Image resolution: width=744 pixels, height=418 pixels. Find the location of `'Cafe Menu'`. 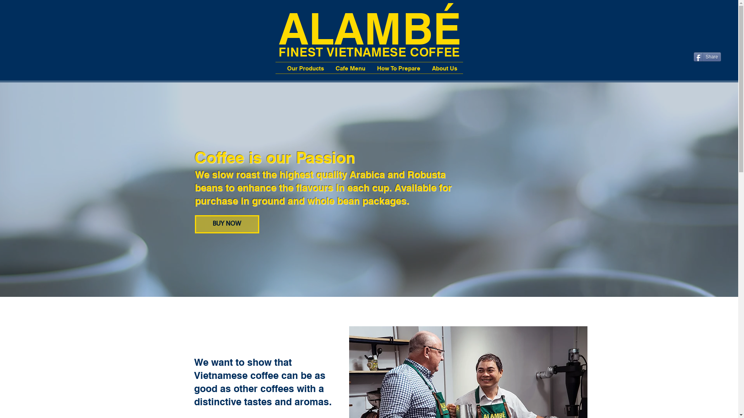

'Cafe Menu' is located at coordinates (350, 67).